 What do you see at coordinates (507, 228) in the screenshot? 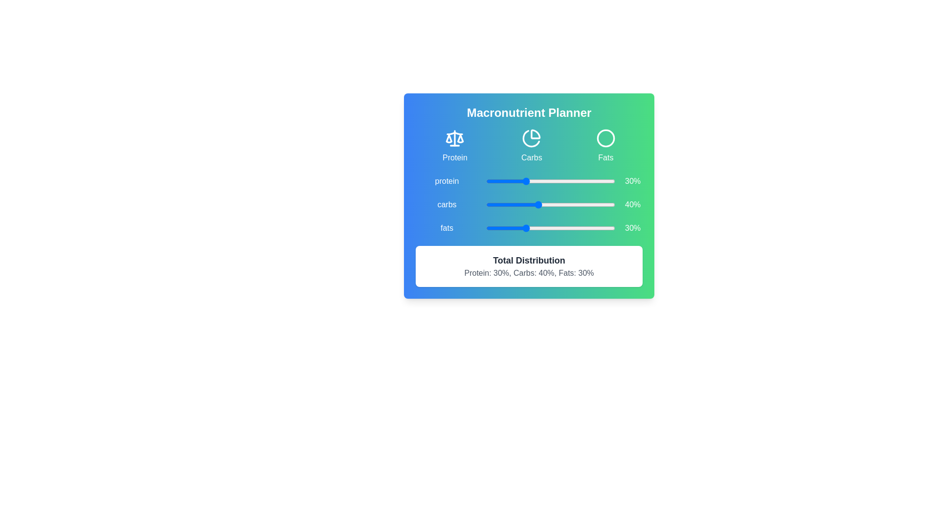
I see `the fats slider` at bounding box center [507, 228].